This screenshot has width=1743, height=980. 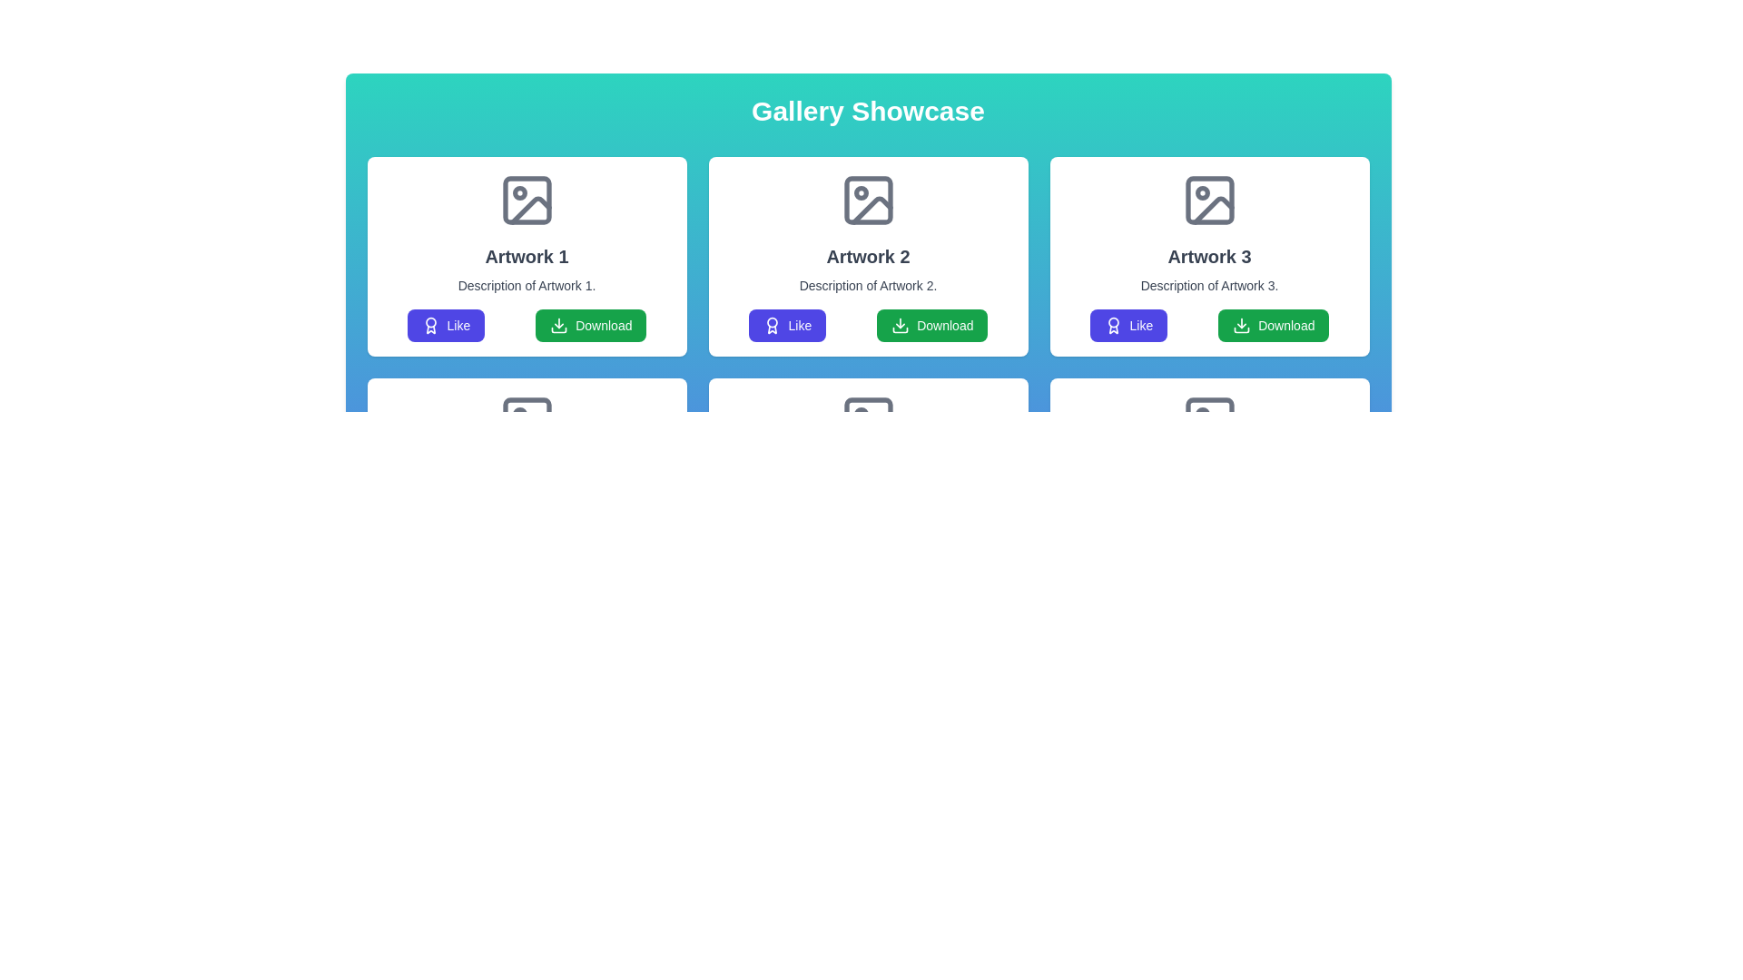 I want to click on the award or achievement icon located within the 'Like' button of the third artwork card in the second row, so click(x=1112, y=324).